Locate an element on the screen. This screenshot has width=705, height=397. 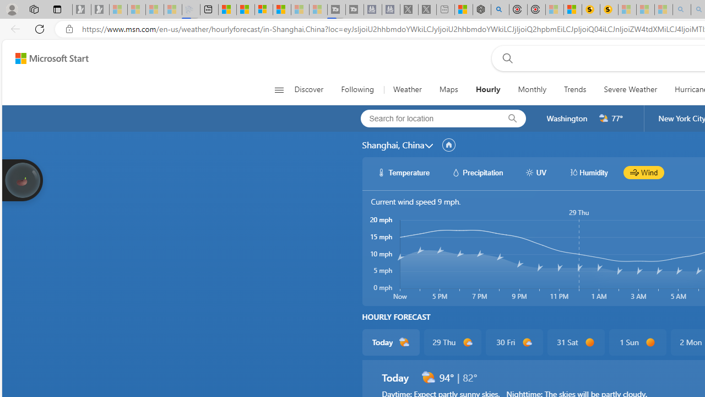
'Overview' is located at coordinates (263, 9).